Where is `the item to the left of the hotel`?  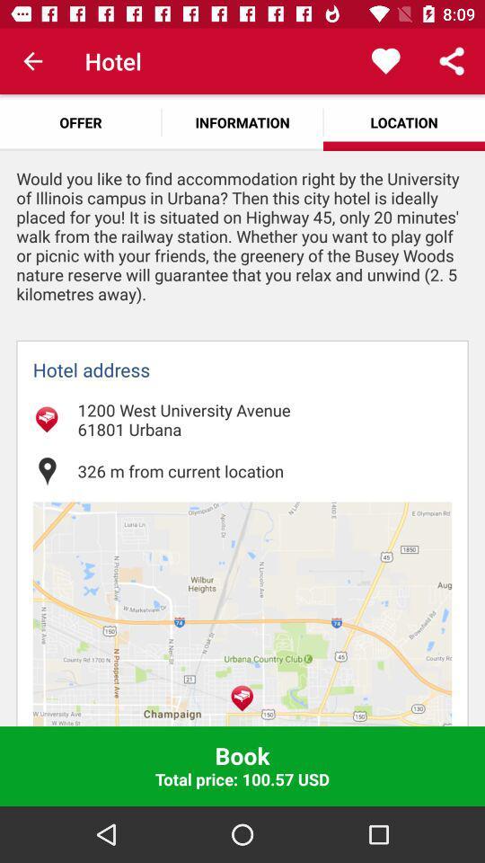 the item to the left of the hotel is located at coordinates (32, 61).